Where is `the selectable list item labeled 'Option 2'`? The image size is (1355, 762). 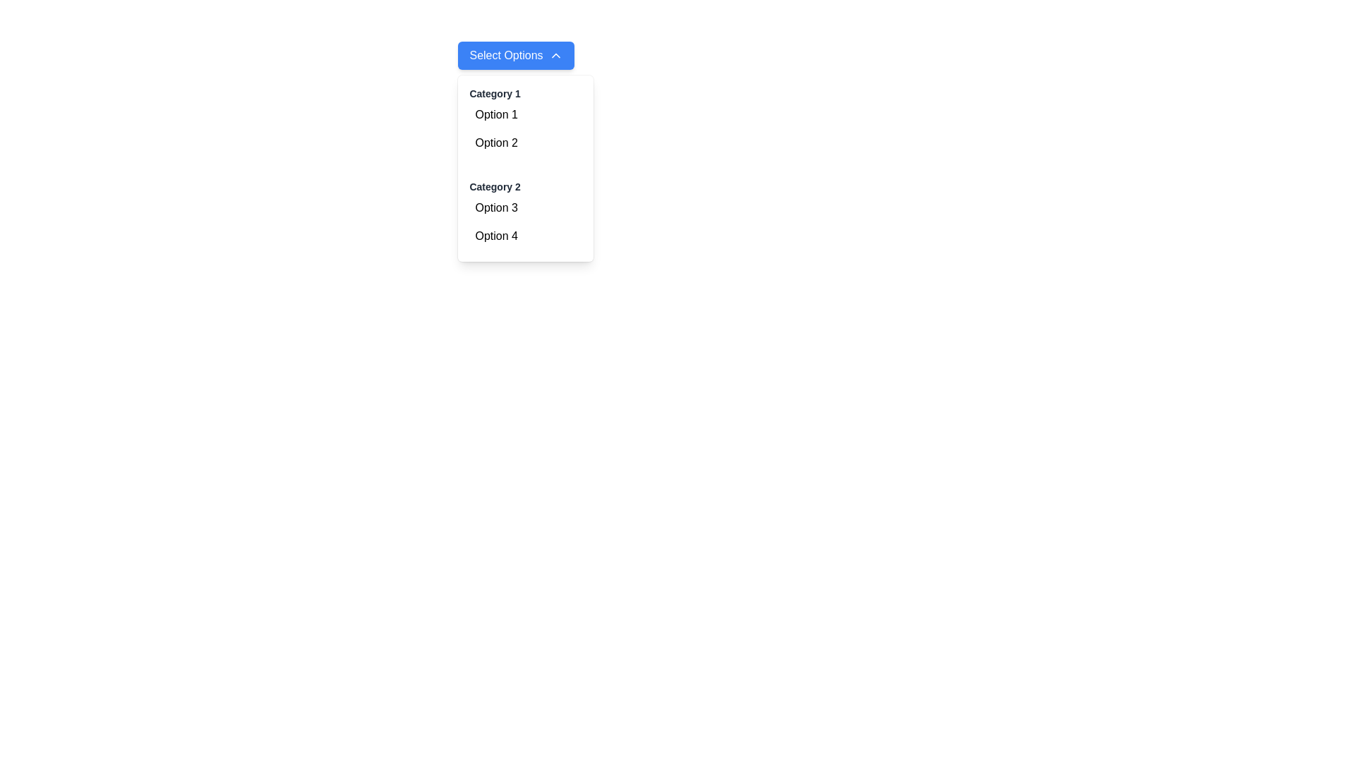 the selectable list item labeled 'Option 2' is located at coordinates (525, 143).